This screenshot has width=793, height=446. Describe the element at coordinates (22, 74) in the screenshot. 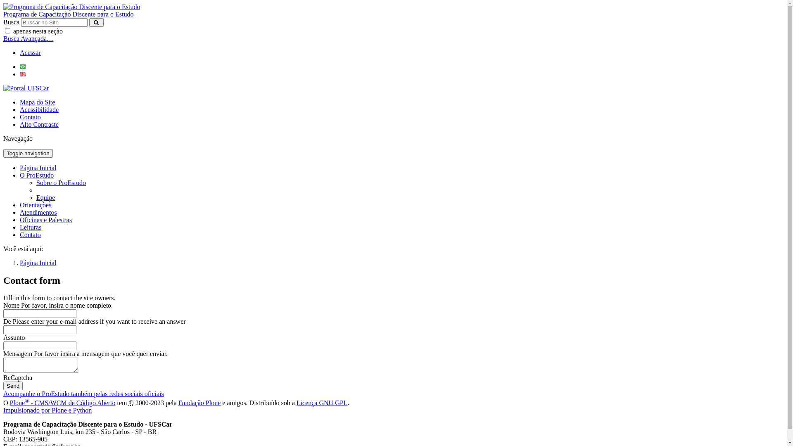

I see `'English'` at that location.